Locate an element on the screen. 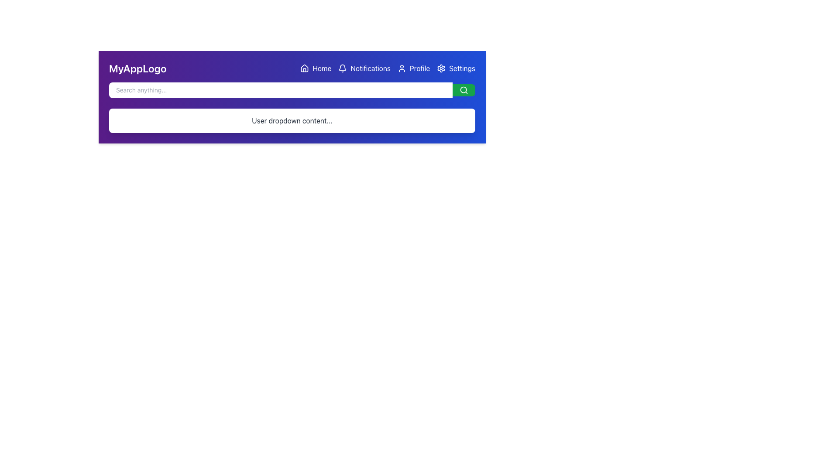 The image size is (838, 471). the innermost circular component of the search icon is located at coordinates (463, 90).